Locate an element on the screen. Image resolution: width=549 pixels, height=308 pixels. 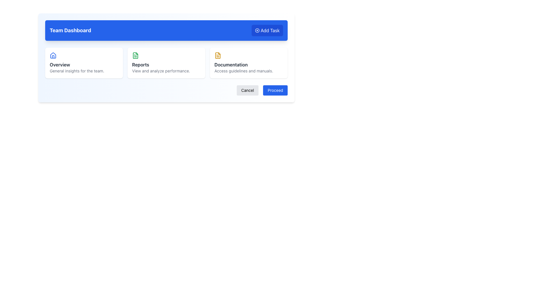
the 'Proceed' button, which is a rectangular button with rounded corners and a blue background, containing white text at its center, located at the bottom right corner of the layout and adjacent to the 'Cancel' button is located at coordinates (275, 90).